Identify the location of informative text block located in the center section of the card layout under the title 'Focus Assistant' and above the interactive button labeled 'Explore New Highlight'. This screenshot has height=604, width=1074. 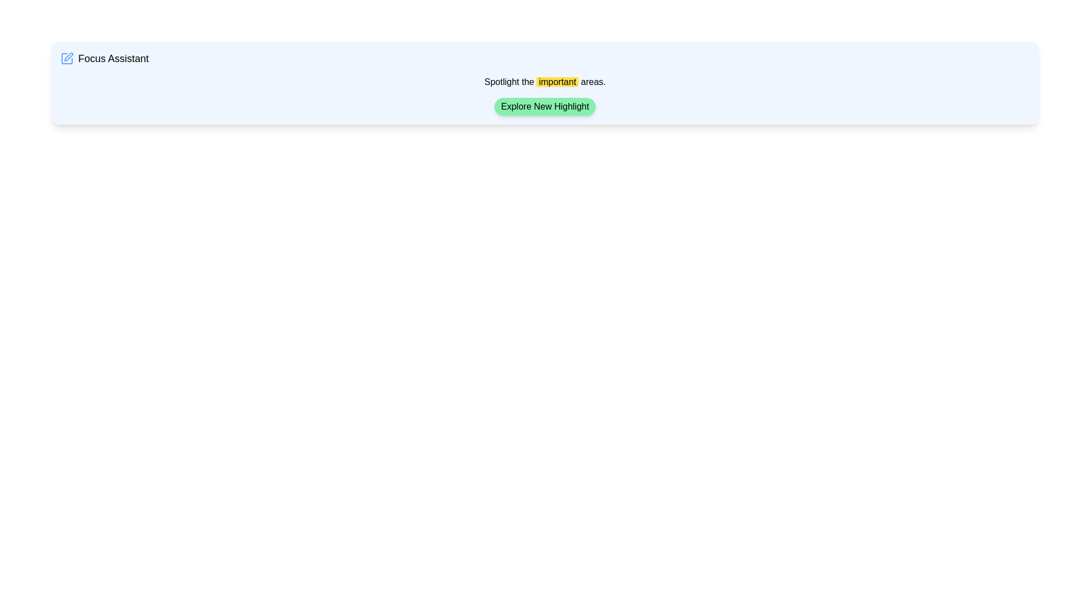
(545, 81).